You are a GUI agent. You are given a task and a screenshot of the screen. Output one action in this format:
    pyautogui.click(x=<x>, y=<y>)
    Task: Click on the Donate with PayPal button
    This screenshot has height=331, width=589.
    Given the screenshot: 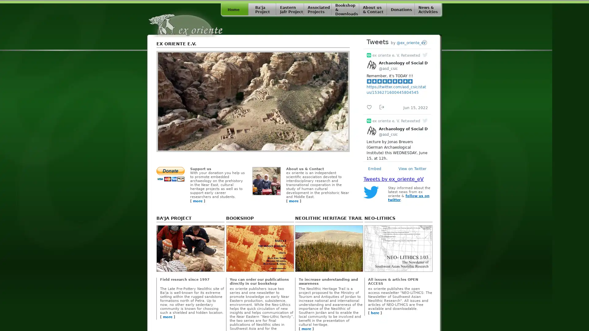 What is the action you would take?
    pyautogui.click(x=171, y=174)
    